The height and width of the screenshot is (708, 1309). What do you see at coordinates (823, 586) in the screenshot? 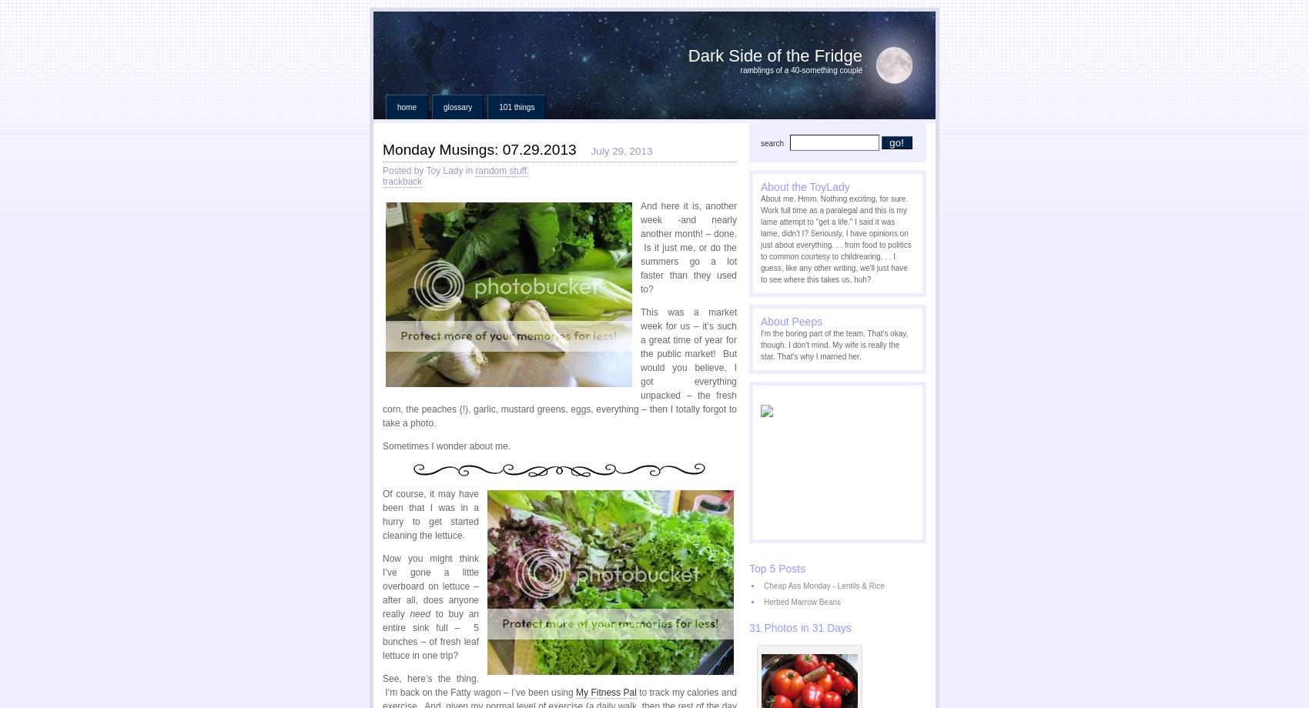
I see `'Cheap Ass Monday - Lentils & Rice'` at bounding box center [823, 586].